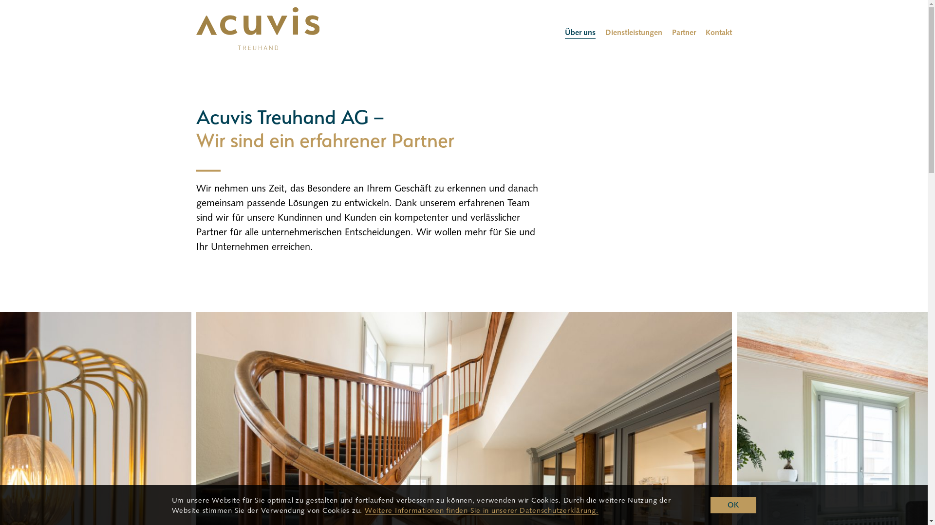 The image size is (935, 525). Describe the element at coordinates (733, 505) in the screenshot. I see `'OK'` at that location.